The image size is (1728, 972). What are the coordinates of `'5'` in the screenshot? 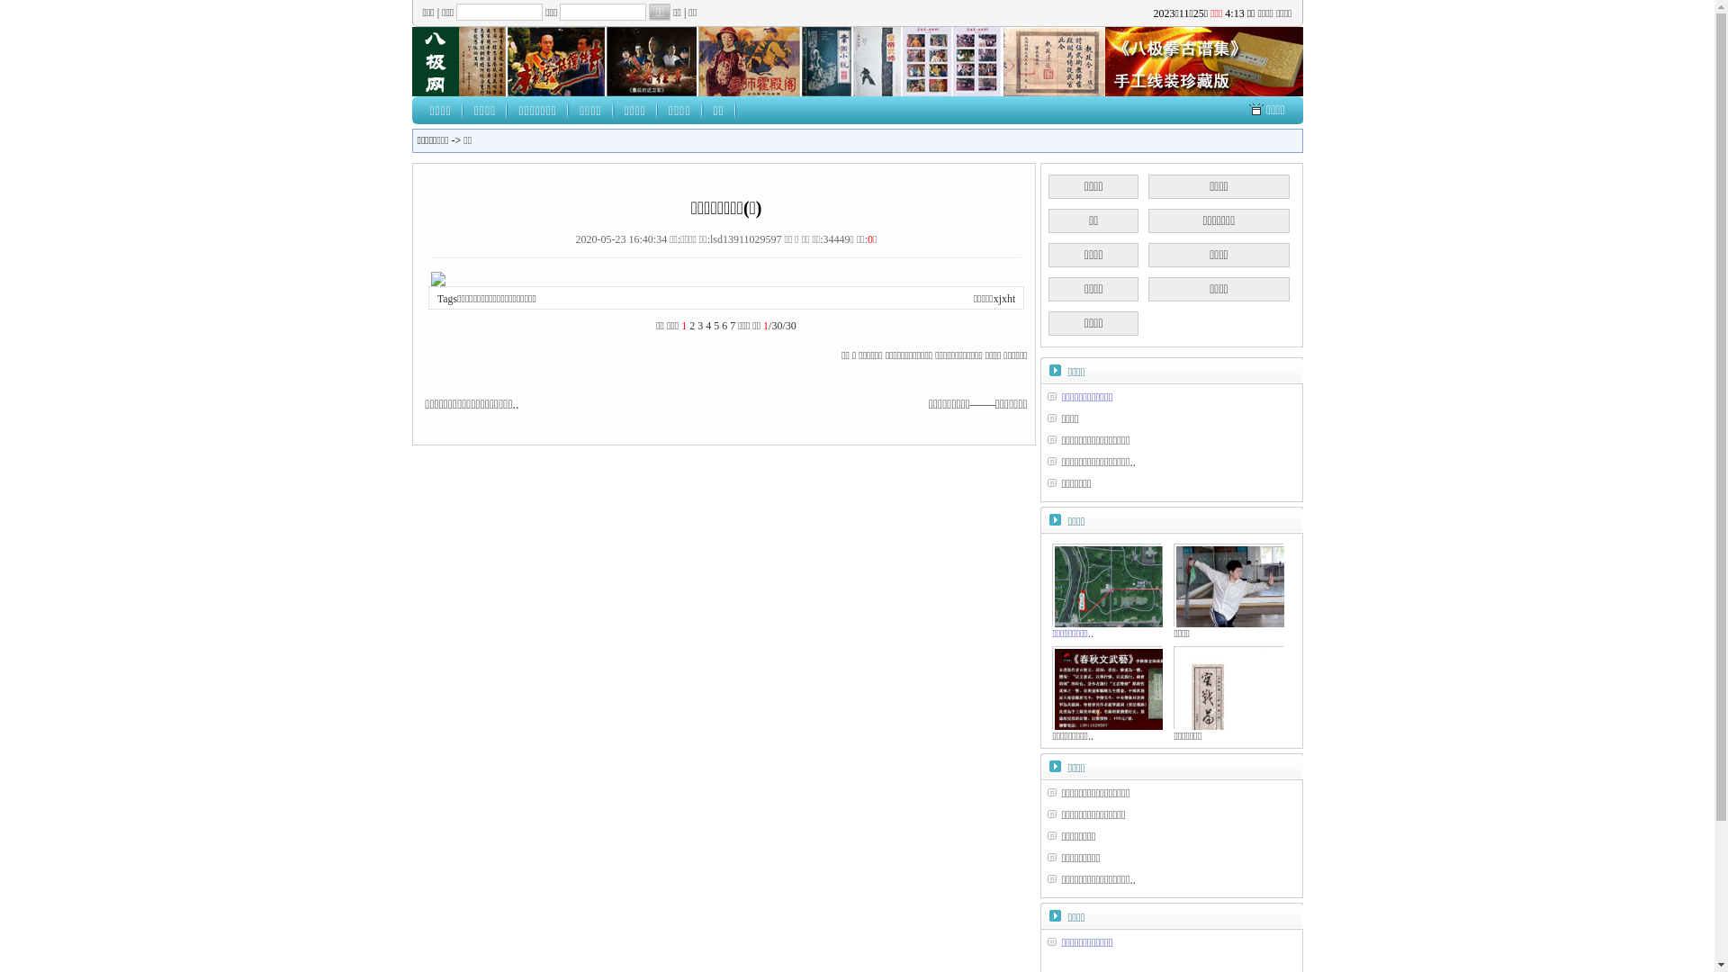 It's located at (715, 326).